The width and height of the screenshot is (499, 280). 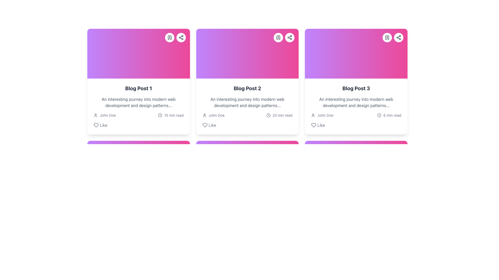 I want to click on the heart-shaped icon button located in the bottom left section of the second card to like the post, so click(x=205, y=125).